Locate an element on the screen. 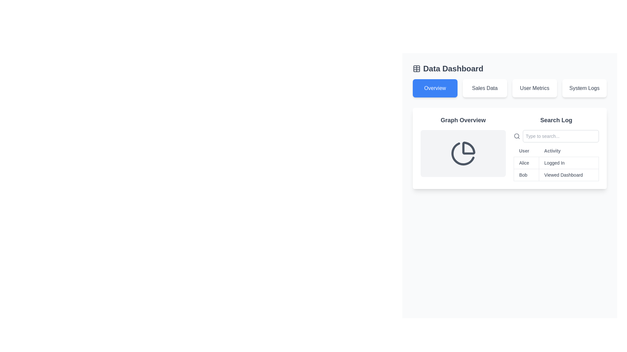 This screenshot has height=352, width=627. the decorative element within the pie chart graphic that indicates the right-side slice of data in the 'Graph Overview' card is located at coordinates (468, 148).